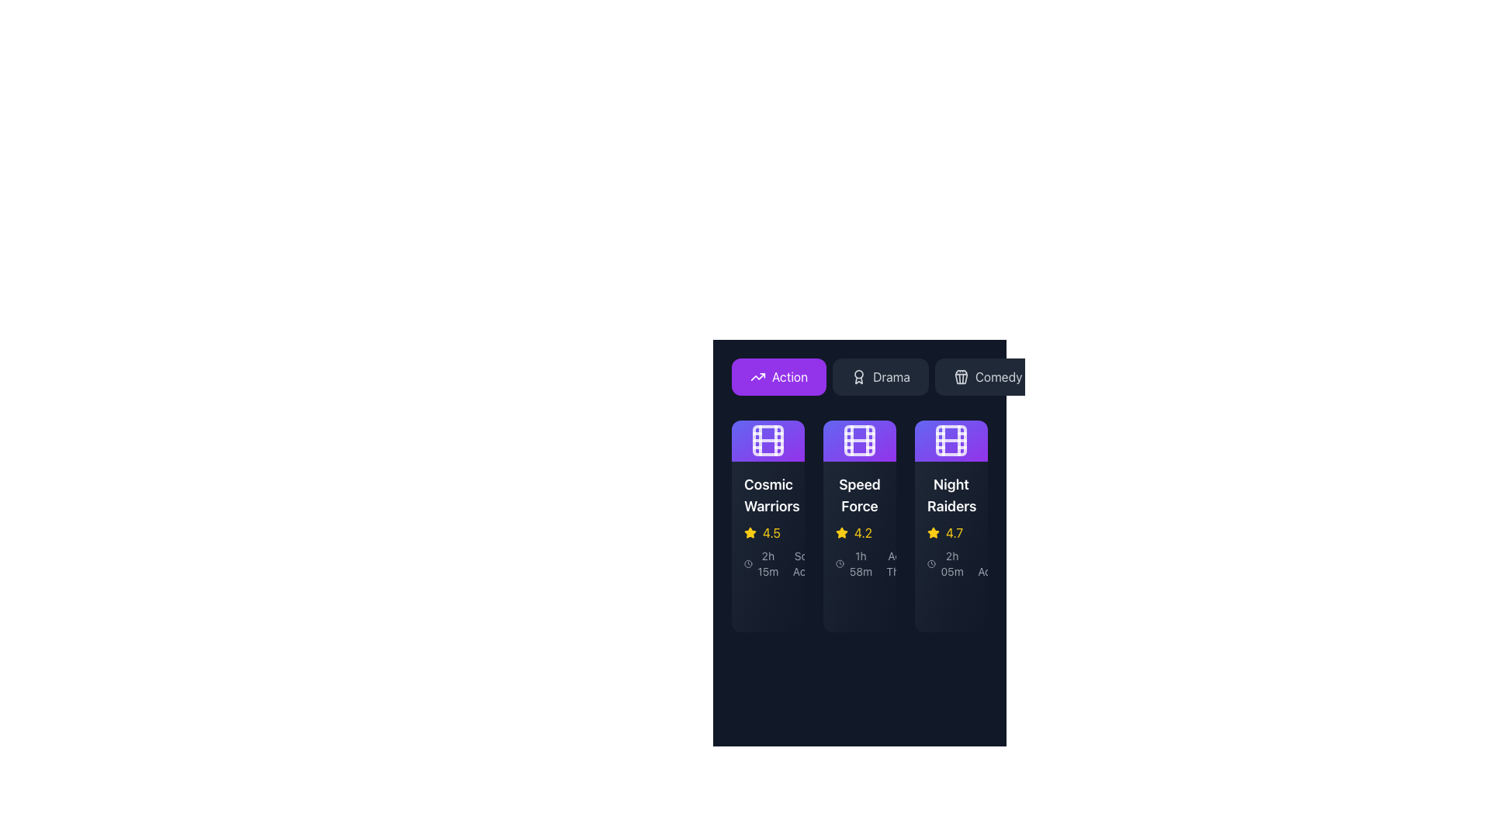 This screenshot has height=838, width=1490. What do you see at coordinates (860, 563) in the screenshot?
I see `the static text label that displays the duration of the associated media content, located in the second card below the rating section and beside a clock icon` at bounding box center [860, 563].